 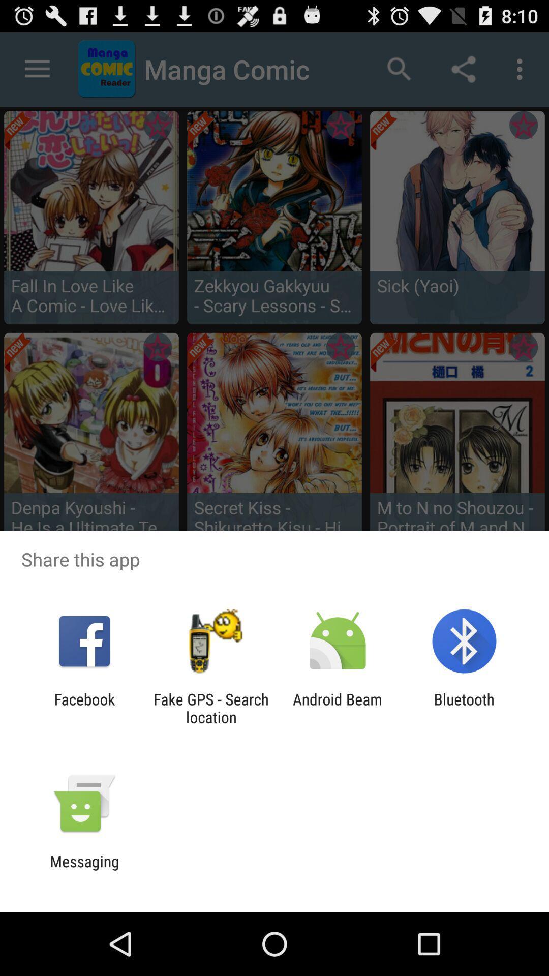 I want to click on the icon next to facebook item, so click(x=210, y=708).